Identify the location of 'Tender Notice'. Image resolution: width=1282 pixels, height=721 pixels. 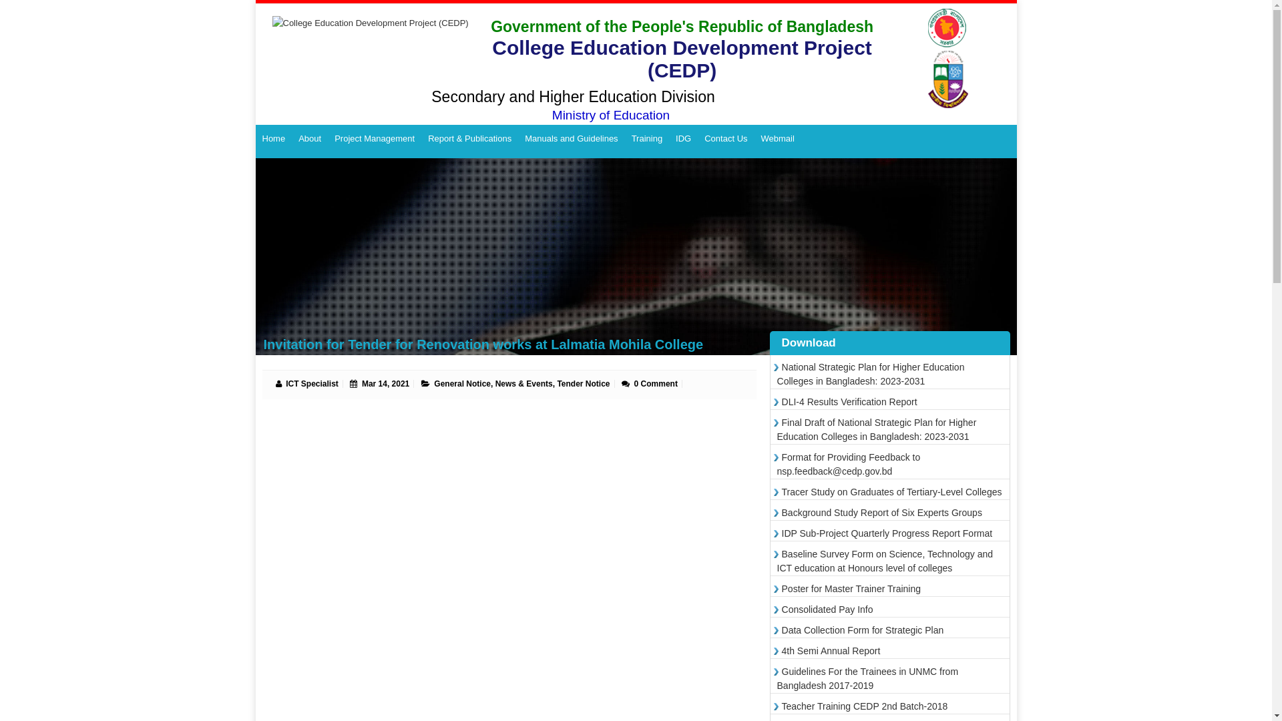
(557, 383).